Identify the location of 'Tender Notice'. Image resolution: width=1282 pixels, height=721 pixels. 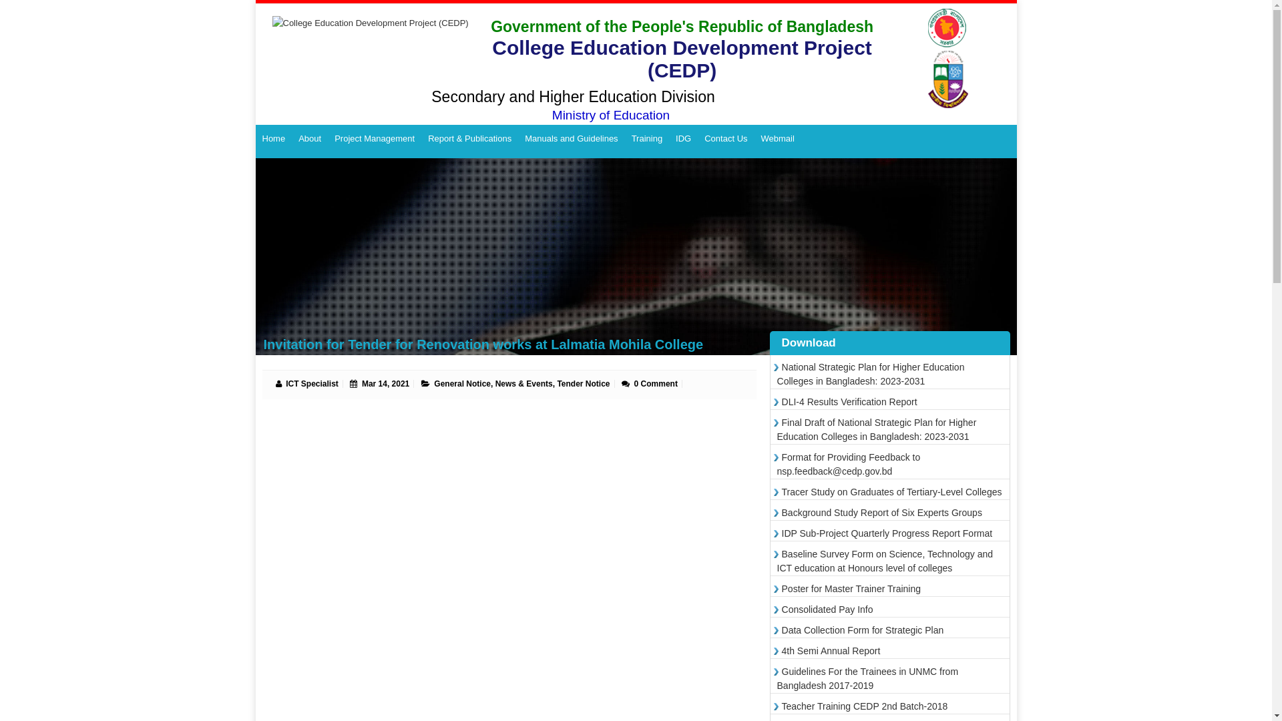
(557, 383).